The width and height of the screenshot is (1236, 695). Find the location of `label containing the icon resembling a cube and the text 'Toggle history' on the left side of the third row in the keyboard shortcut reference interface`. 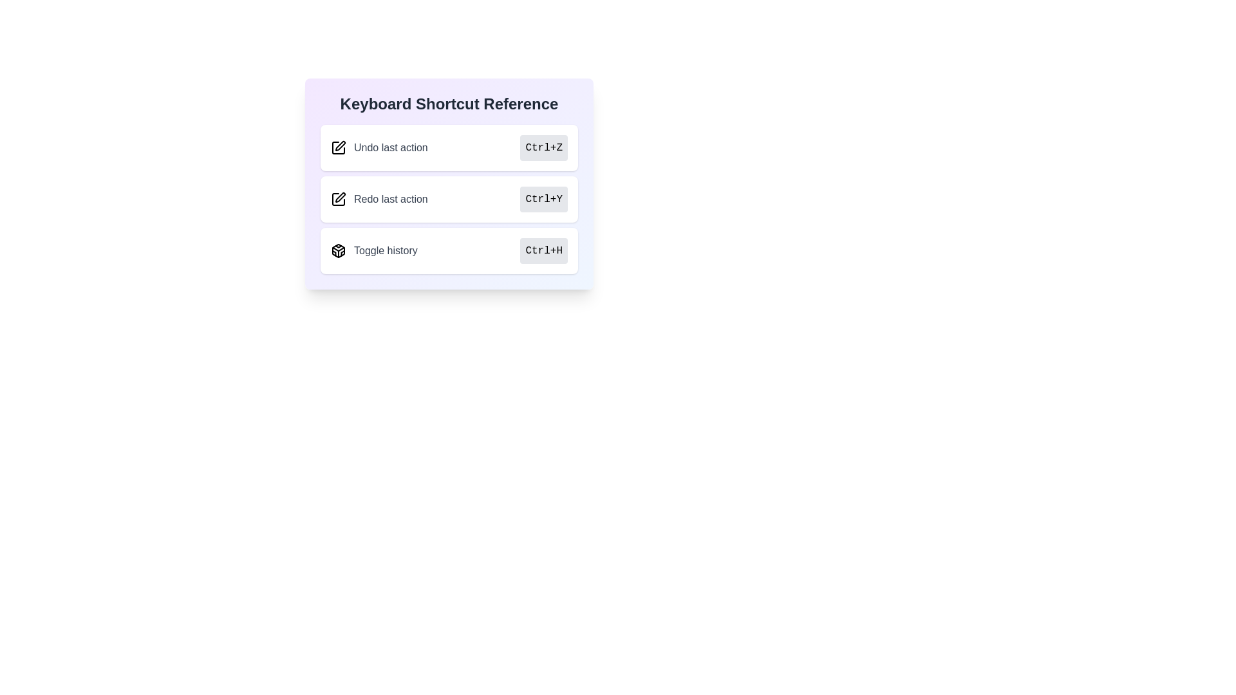

label containing the icon resembling a cube and the text 'Toggle history' on the left side of the third row in the keyboard shortcut reference interface is located at coordinates (373, 250).